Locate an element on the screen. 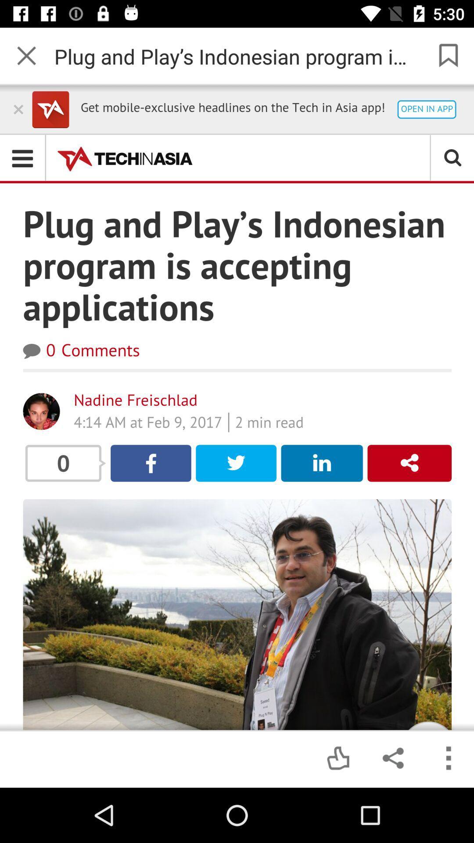 Image resolution: width=474 pixels, height=843 pixels. the button which is next to the like button is located at coordinates (392, 758).